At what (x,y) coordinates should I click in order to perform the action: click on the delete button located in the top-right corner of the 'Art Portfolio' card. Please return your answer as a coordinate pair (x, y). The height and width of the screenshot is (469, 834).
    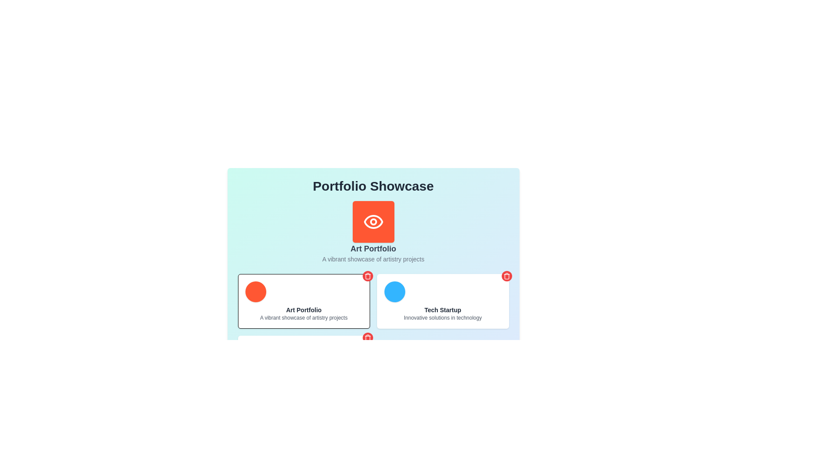
    Looking at the image, I should click on (506, 276).